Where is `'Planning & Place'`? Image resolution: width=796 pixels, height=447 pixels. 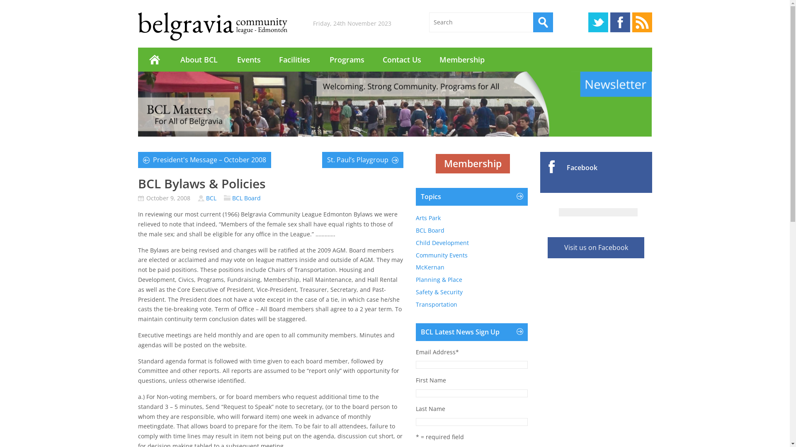
'Planning & Place' is located at coordinates (438, 279).